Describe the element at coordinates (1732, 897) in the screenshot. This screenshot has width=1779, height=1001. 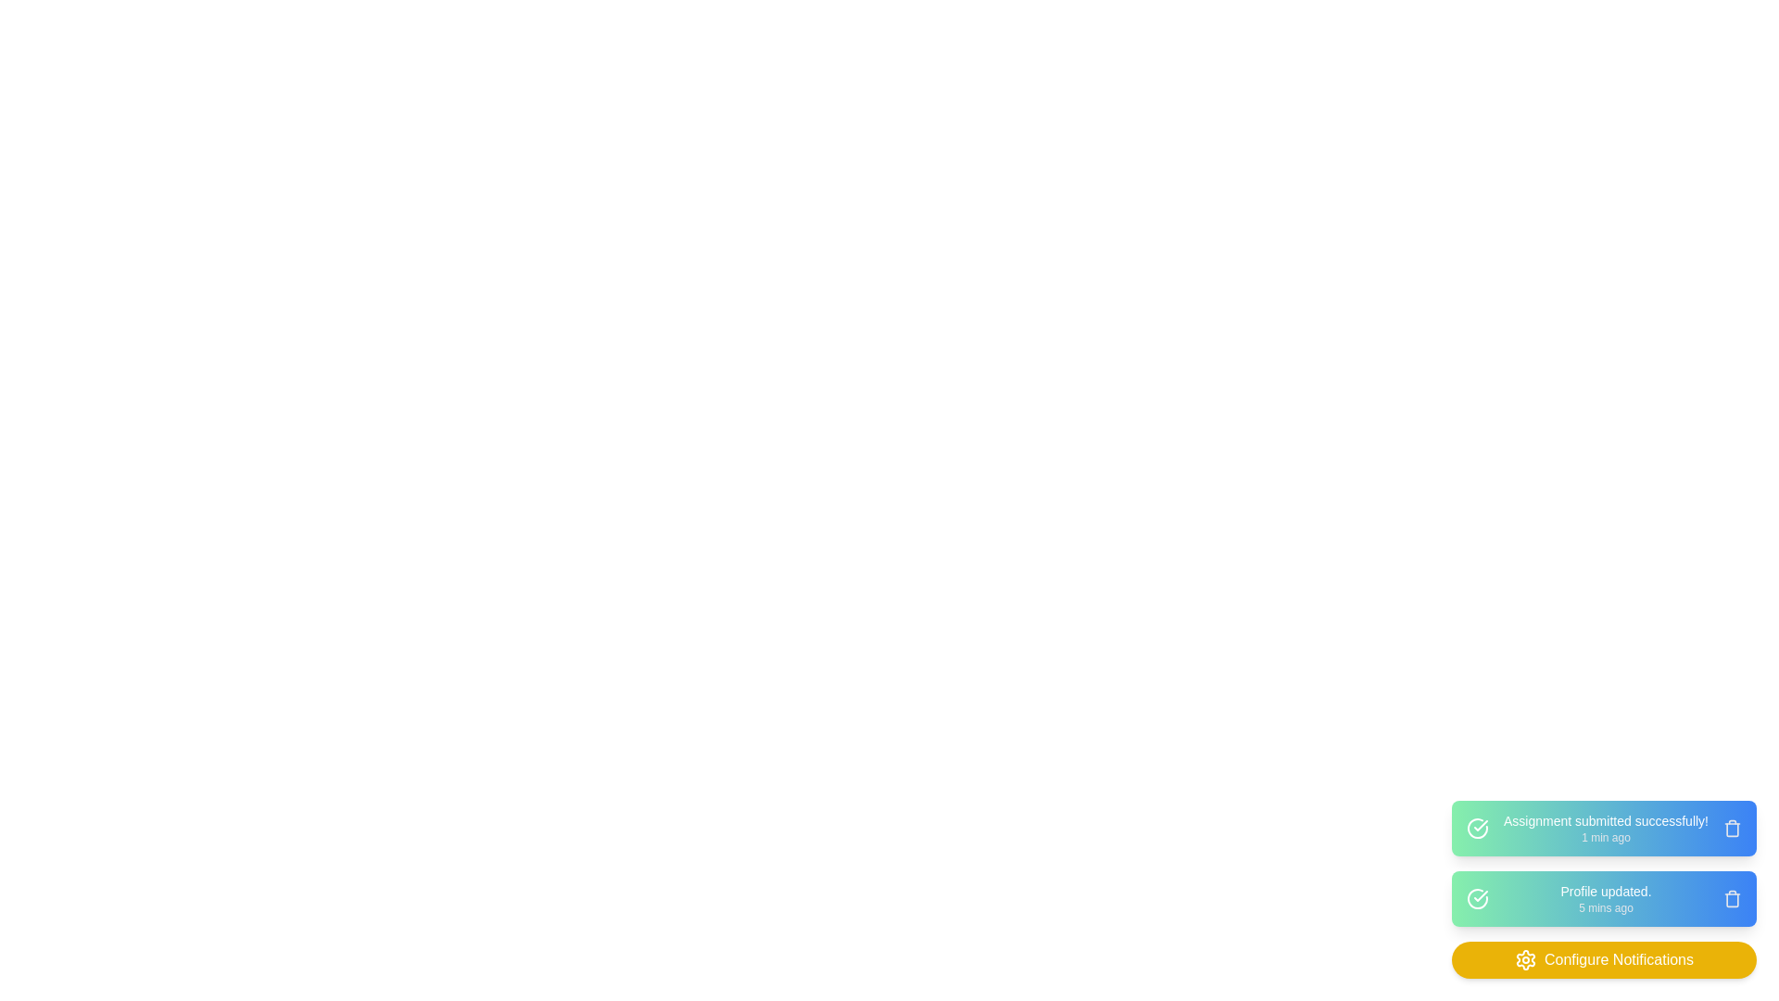
I see `the delete icon for the notification with message 'Profile updated.'` at that location.